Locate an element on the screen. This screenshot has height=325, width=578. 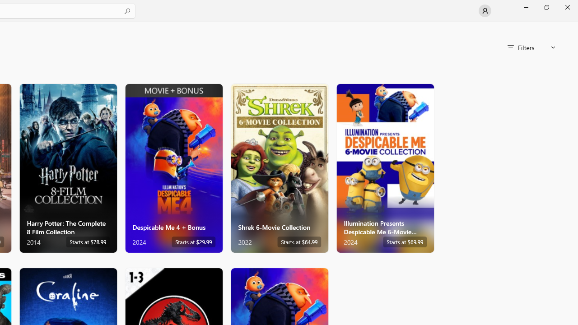
'Despicable Me 4 + Bonus. Starts at $29.99  ' is located at coordinates (174, 168).